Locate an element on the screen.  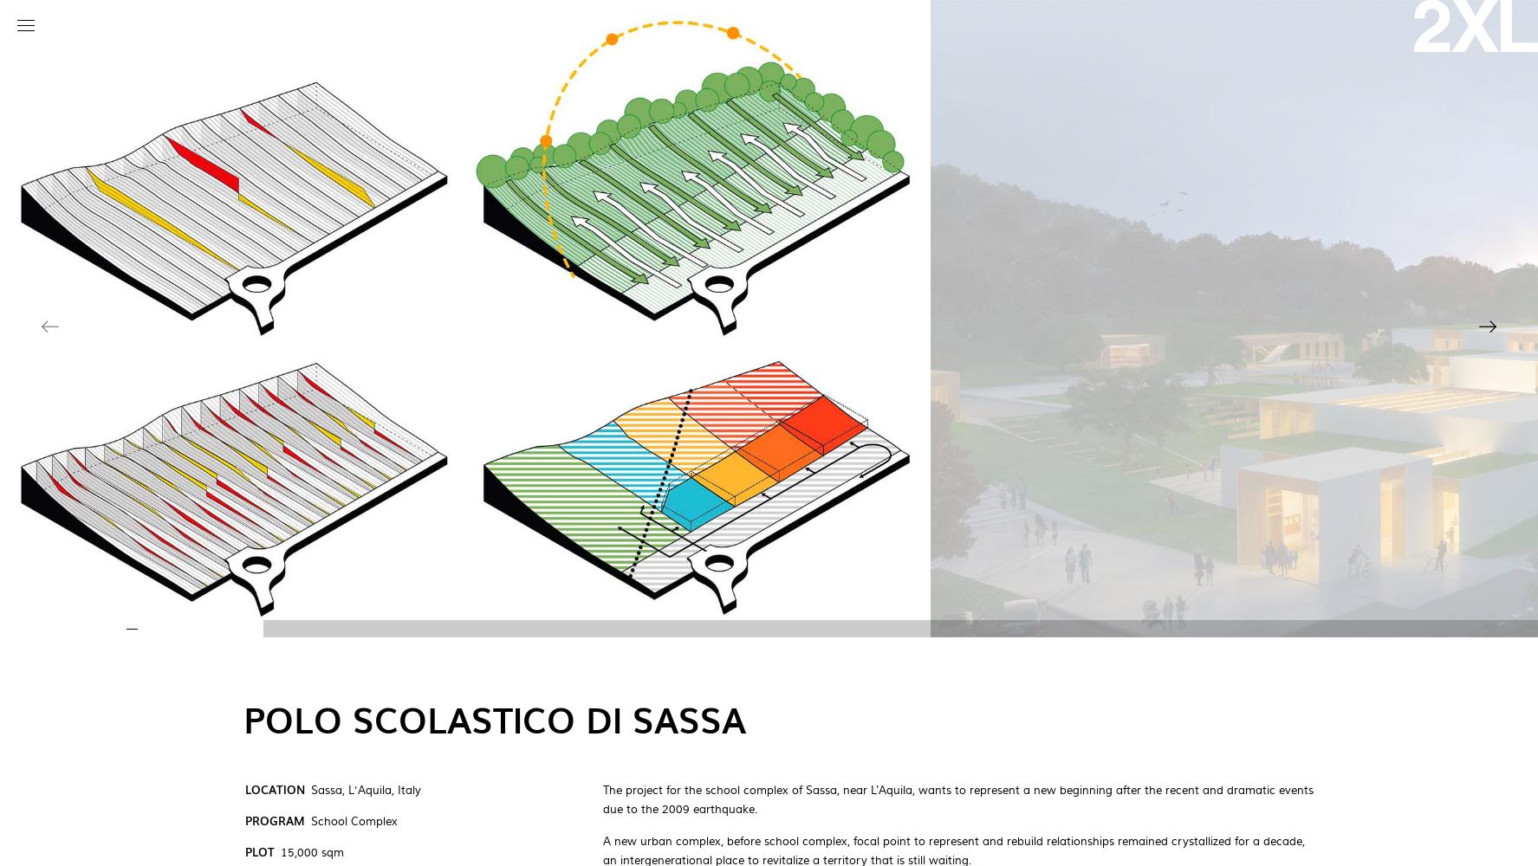
'School Complex' is located at coordinates (354, 821).